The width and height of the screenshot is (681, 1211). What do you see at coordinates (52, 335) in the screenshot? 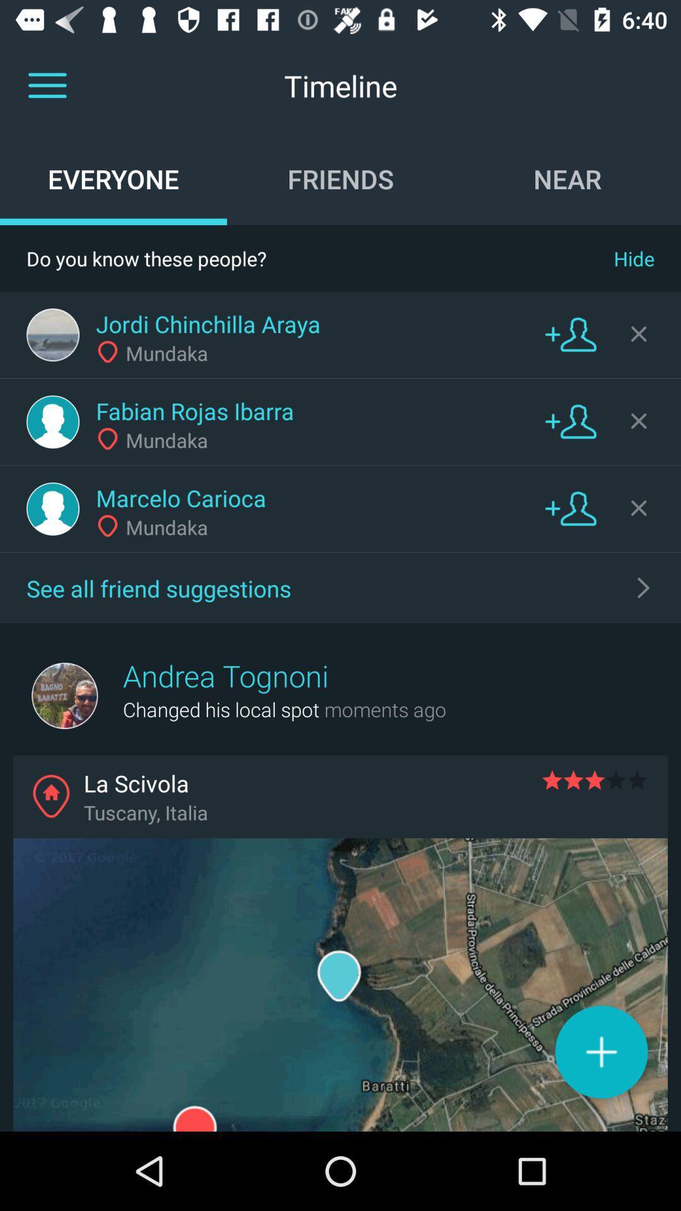
I see `profile button` at bounding box center [52, 335].